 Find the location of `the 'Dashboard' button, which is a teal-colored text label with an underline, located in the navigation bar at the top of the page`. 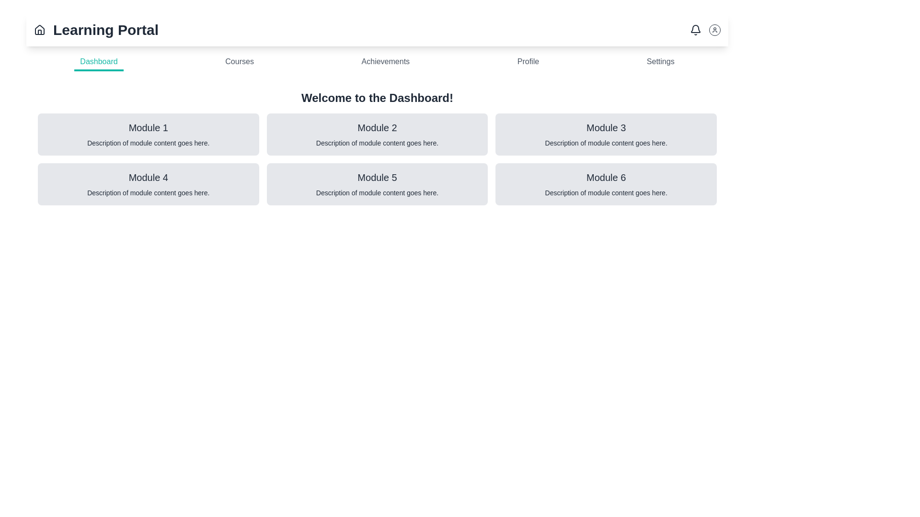

the 'Dashboard' button, which is a teal-colored text label with an underline, located in the navigation bar at the top of the page is located at coordinates (99, 63).